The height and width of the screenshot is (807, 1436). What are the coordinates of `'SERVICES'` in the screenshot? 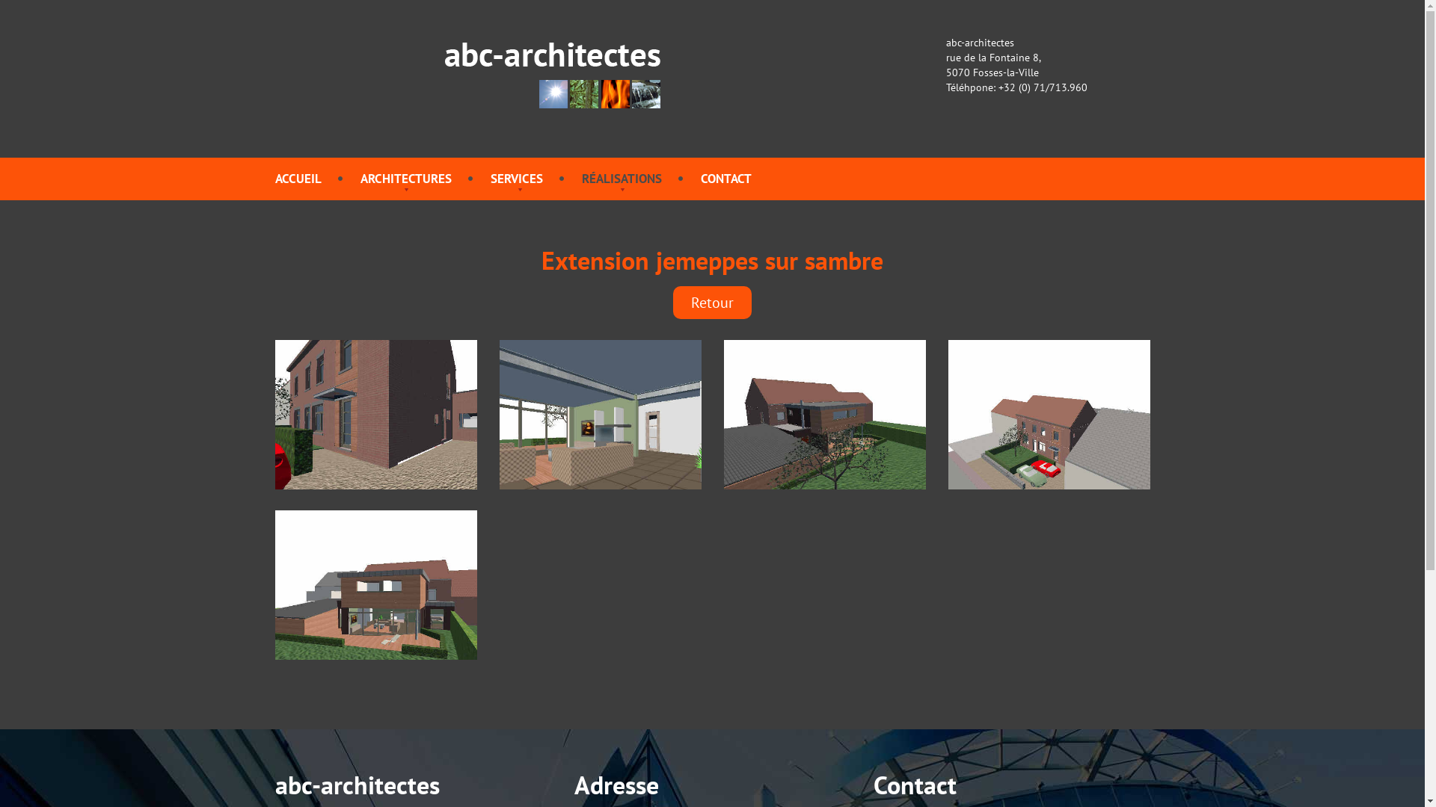 It's located at (517, 178).